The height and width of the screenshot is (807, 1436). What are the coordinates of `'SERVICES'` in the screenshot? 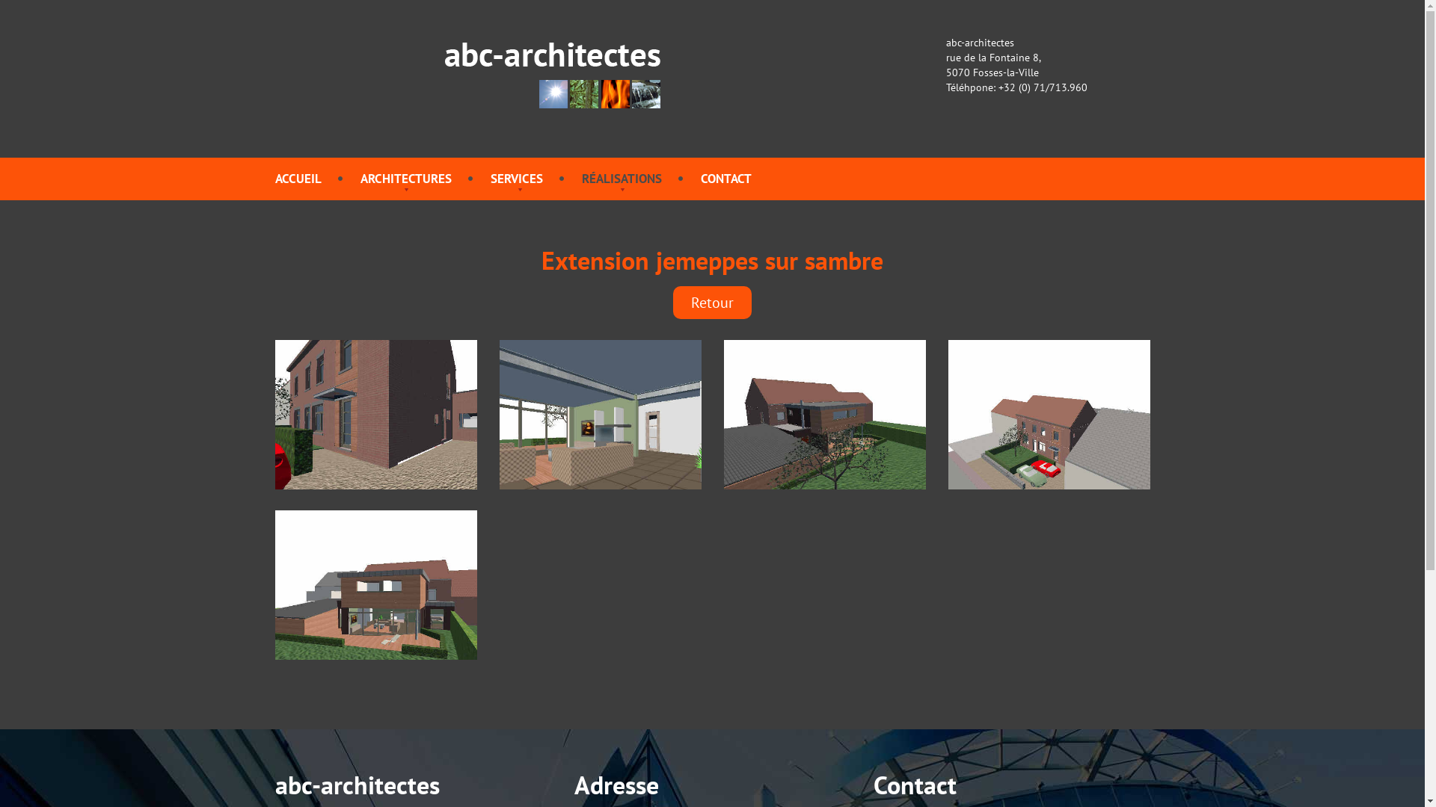 It's located at (517, 178).